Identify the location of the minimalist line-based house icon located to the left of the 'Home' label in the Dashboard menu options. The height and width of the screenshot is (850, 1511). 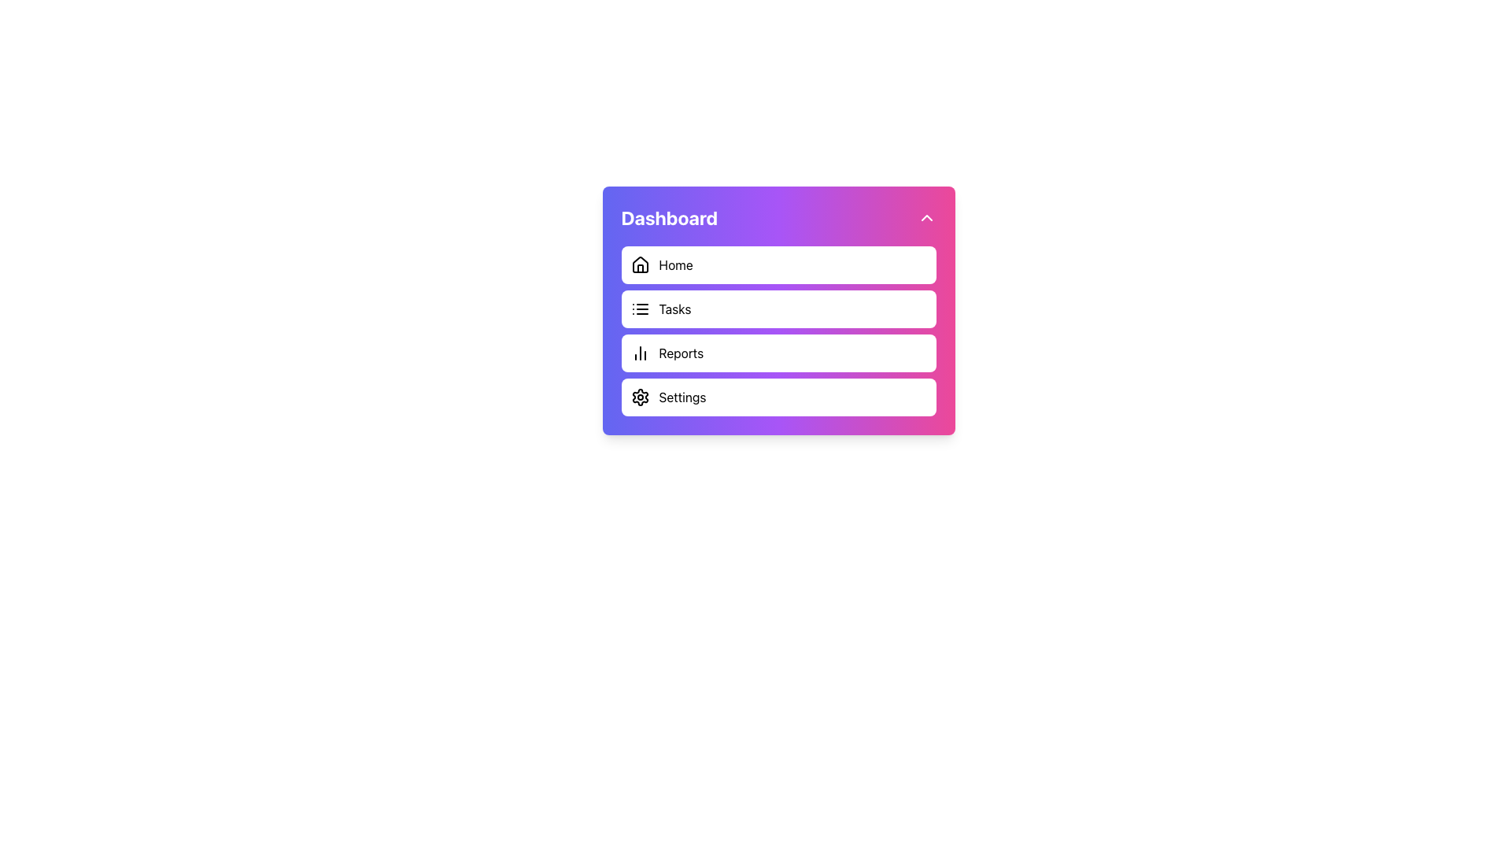
(640, 264).